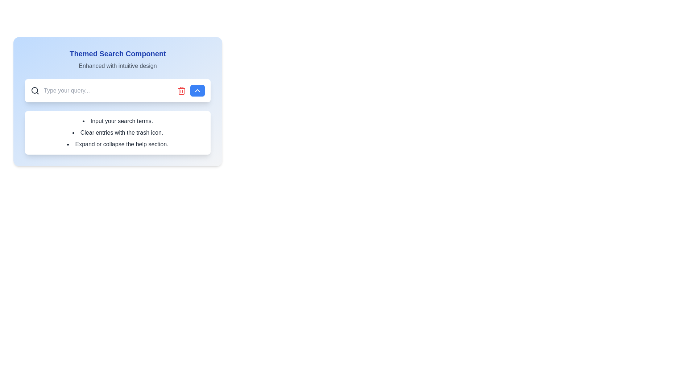 The height and width of the screenshot is (392, 696). I want to click on the text block that reads 'clear entries with the trash icon', which is the second item in a vertically stacked list of bullet points, so click(118, 133).